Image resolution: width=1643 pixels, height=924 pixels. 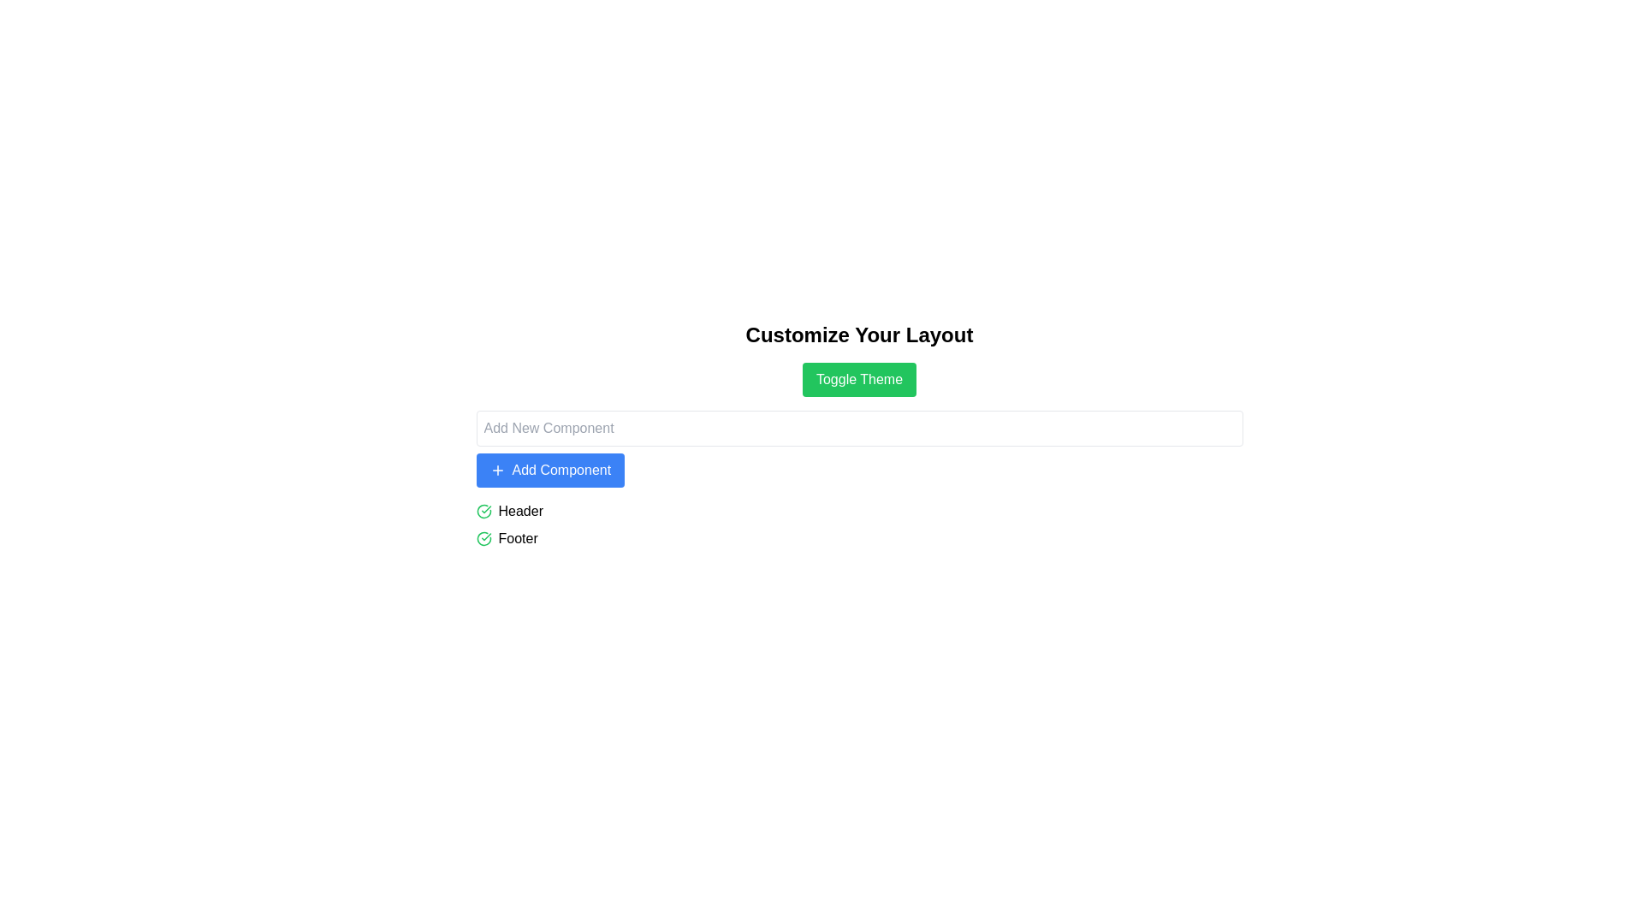 I want to click on the button located immediately below the 'Add New Component' input field, so click(x=550, y=471).